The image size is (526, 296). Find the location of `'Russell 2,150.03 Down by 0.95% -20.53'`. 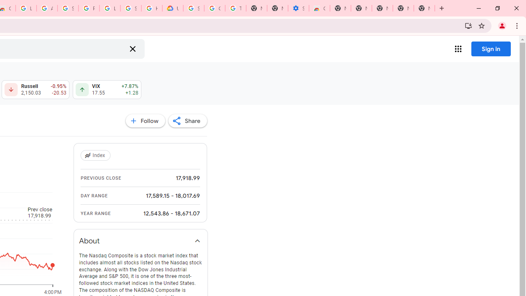

'Russell 2,150.03 Down by 0.95% -20.53' is located at coordinates (35, 90).